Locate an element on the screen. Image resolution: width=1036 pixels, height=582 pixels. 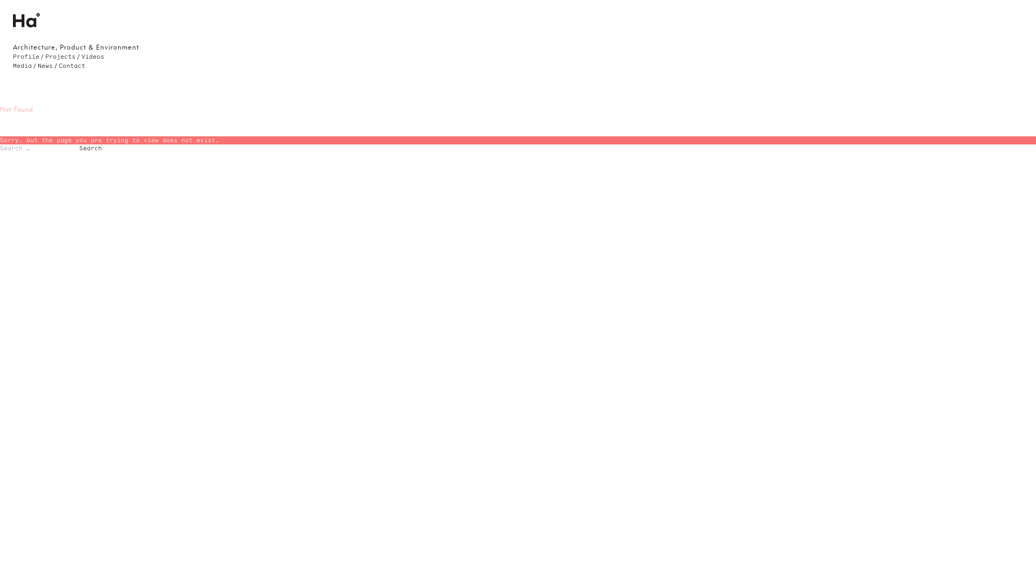
'Media' is located at coordinates (22, 66).